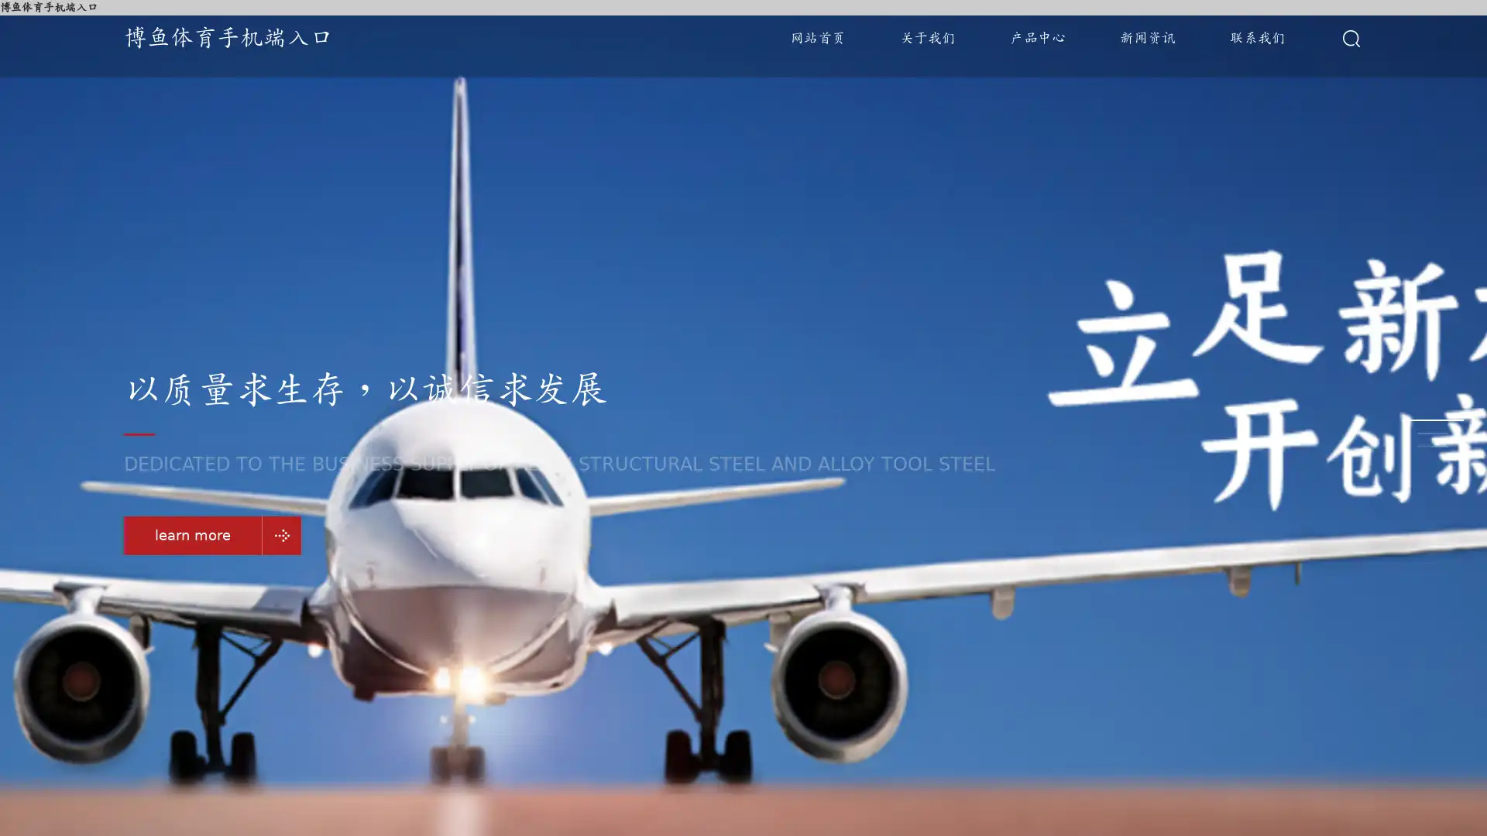 Image resolution: width=1487 pixels, height=836 pixels. Describe the element at coordinates (1431, 420) in the screenshot. I see `Go to slide 1` at that location.